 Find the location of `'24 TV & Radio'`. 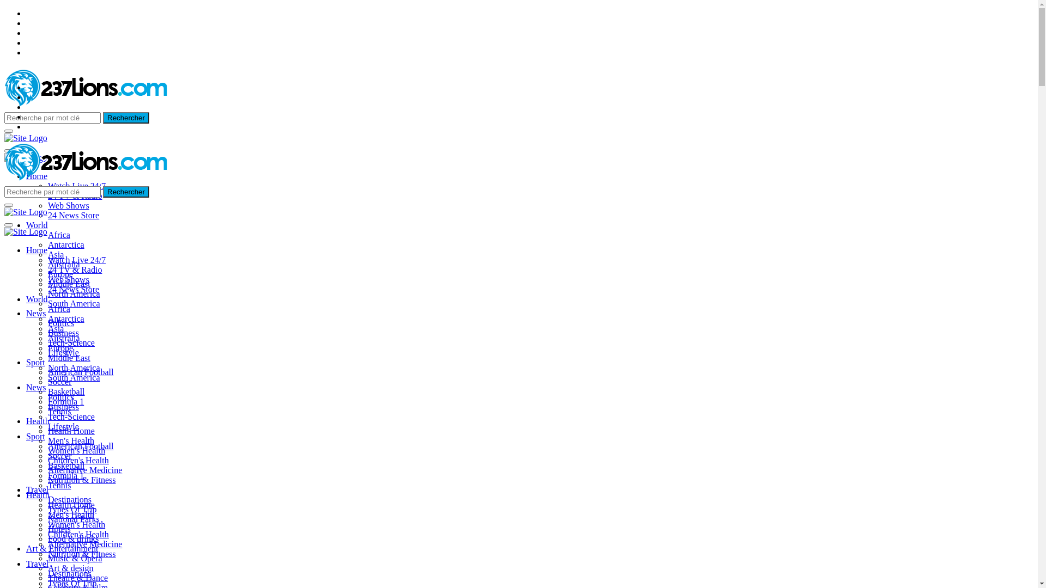

'24 TV & Radio' is located at coordinates (74, 195).